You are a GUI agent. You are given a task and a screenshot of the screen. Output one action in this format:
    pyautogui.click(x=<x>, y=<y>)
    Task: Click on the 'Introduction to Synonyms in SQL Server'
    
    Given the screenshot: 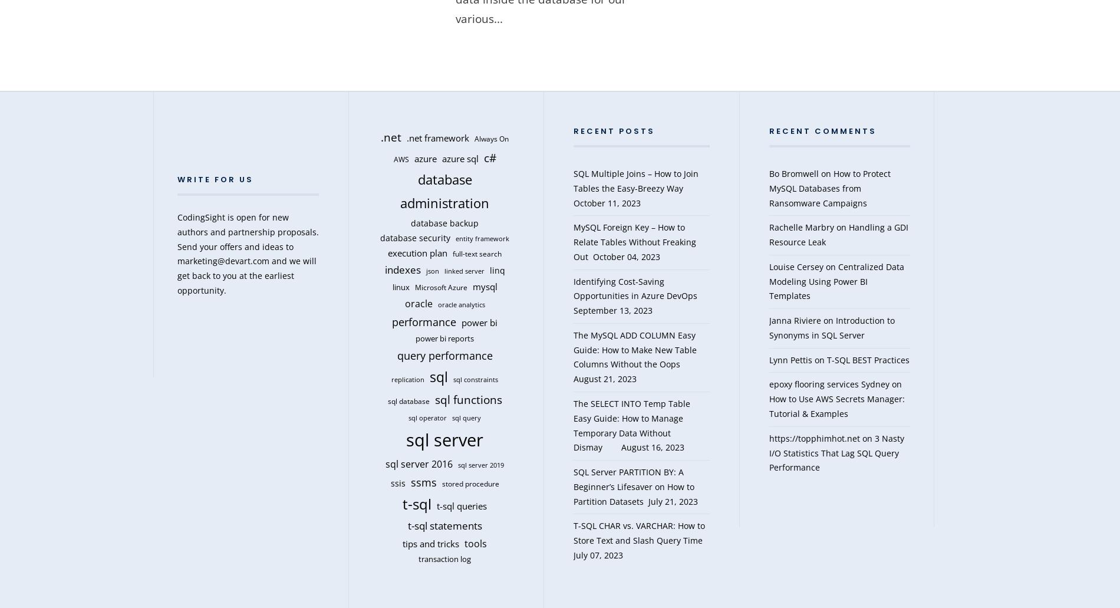 What is the action you would take?
    pyautogui.click(x=831, y=327)
    